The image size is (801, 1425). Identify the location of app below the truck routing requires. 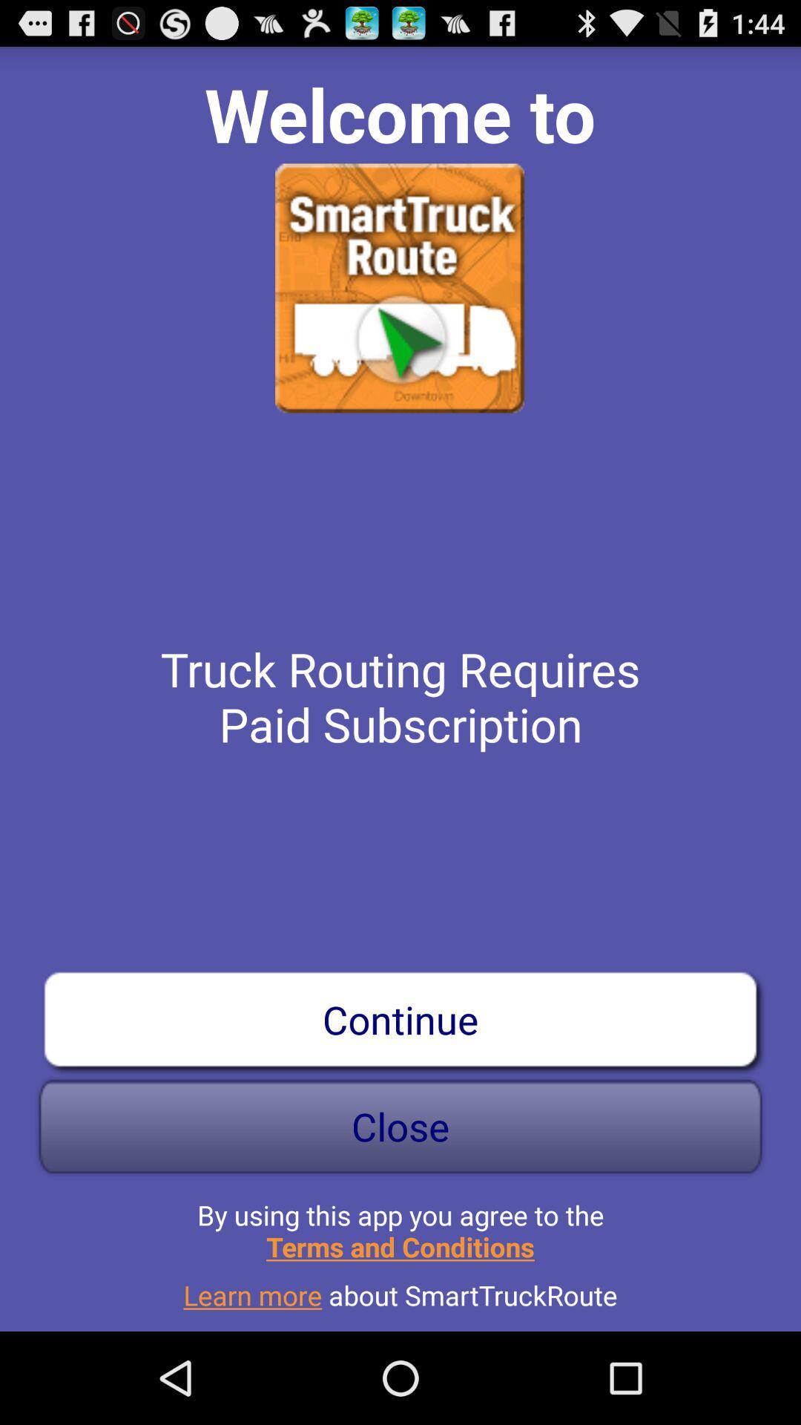
(400, 1018).